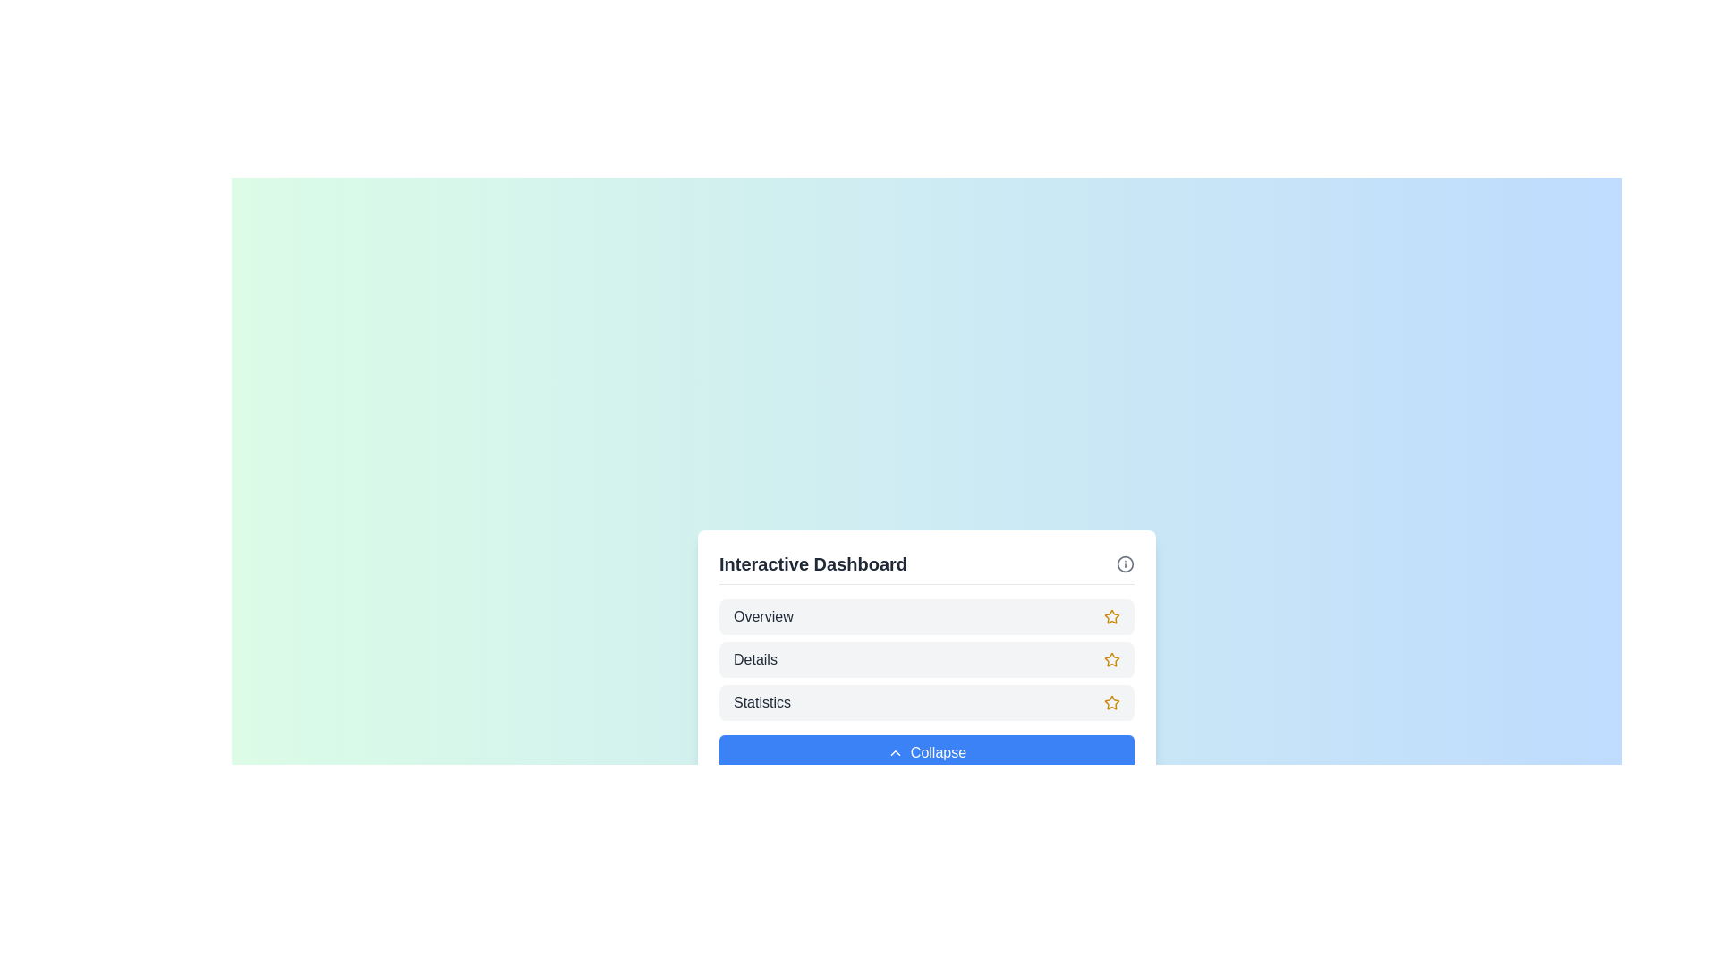 This screenshot has width=1718, height=966. Describe the element at coordinates (762, 701) in the screenshot. I see `text from the 'Statistics' label, which is styled with a gray font color and located within the third navigation entry of the card` at that location.